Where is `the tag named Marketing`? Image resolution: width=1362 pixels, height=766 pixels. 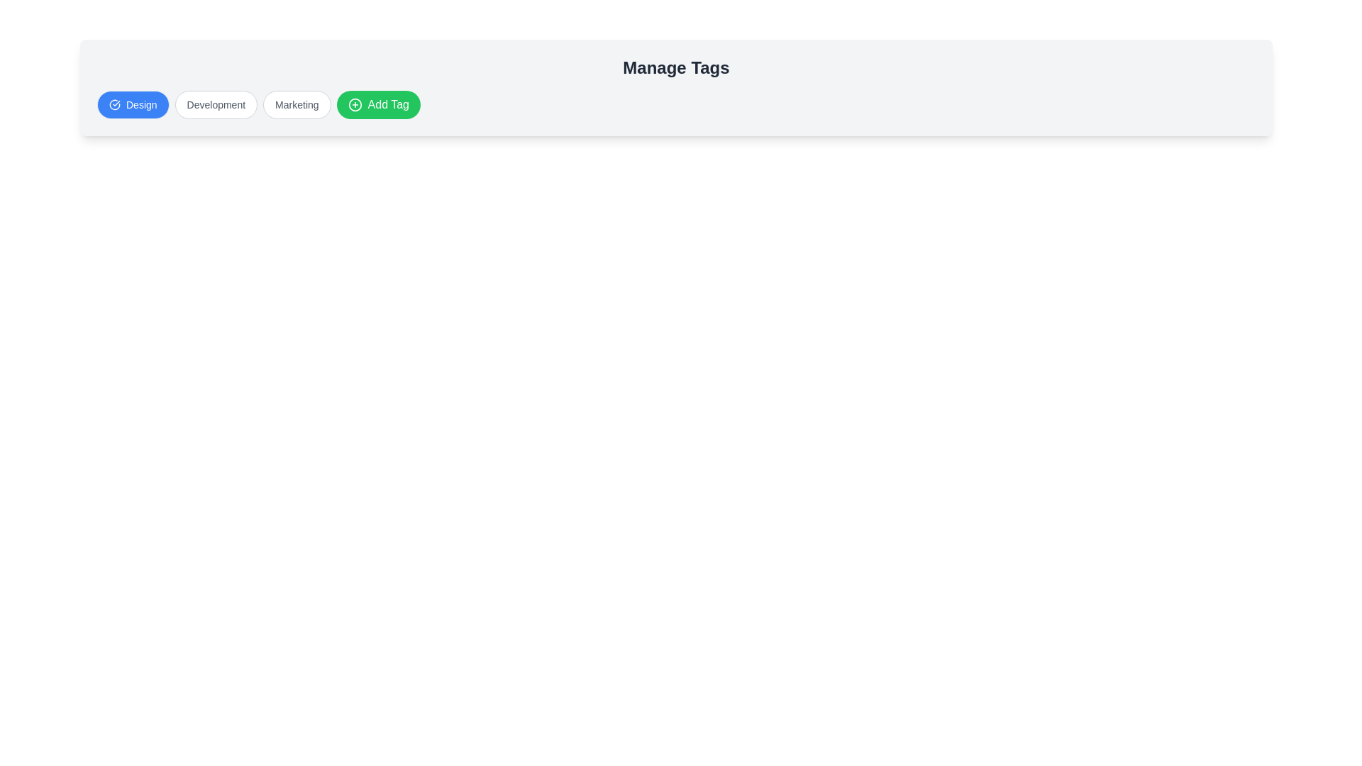 the tag named Marketing is located at coordinates (296, 104).